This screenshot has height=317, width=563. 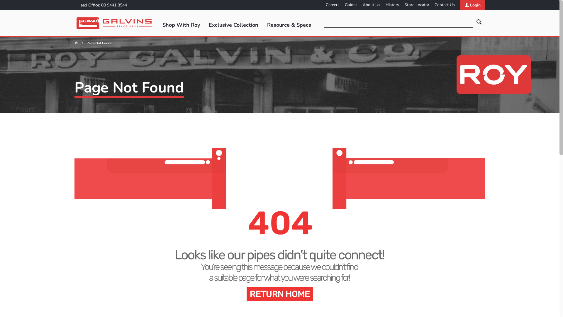 What do you see at coordinates (77, 5) in the screenshot?
I see `'Head Office: 08 9441 8544'` at bounding box center [77, 5].